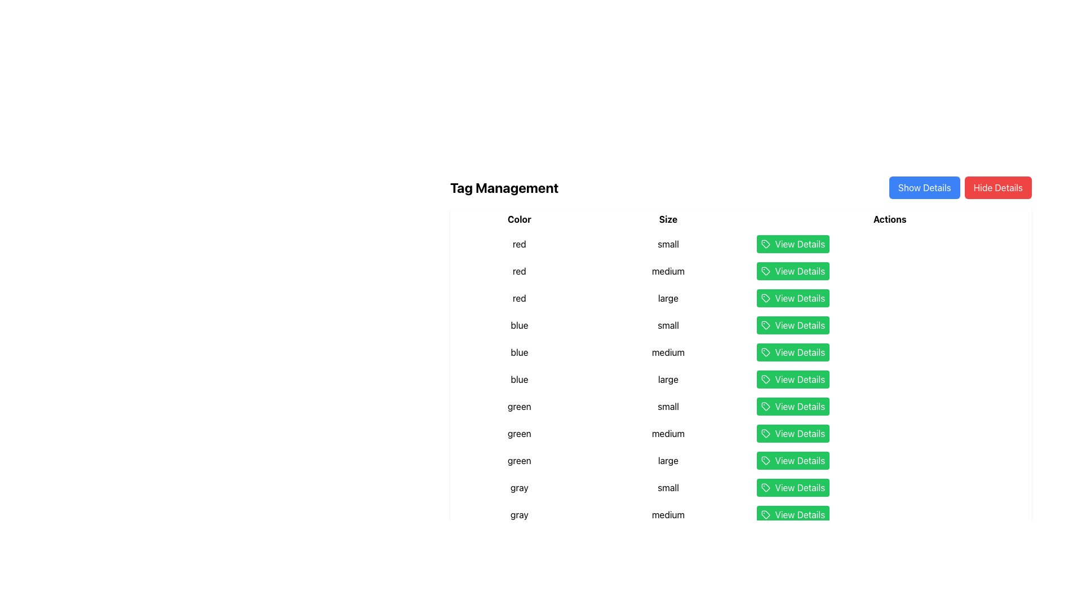 The image size is (1082, 609). I want to click on the text displaying the size value 'medium' located in the second row of the table under the 'Size' column, which is aligned with 'red' in the 'Color' column and a 'View Details' button in the 'Actions' column, so click(668, 271).